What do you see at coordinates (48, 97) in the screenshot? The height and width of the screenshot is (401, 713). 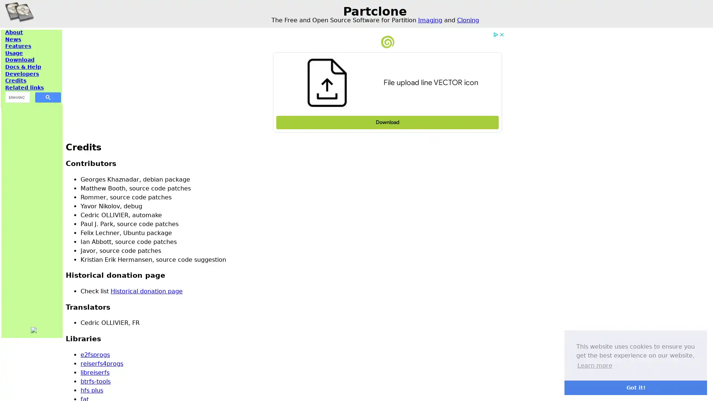 I see `search` at bounding box center [48, 97].